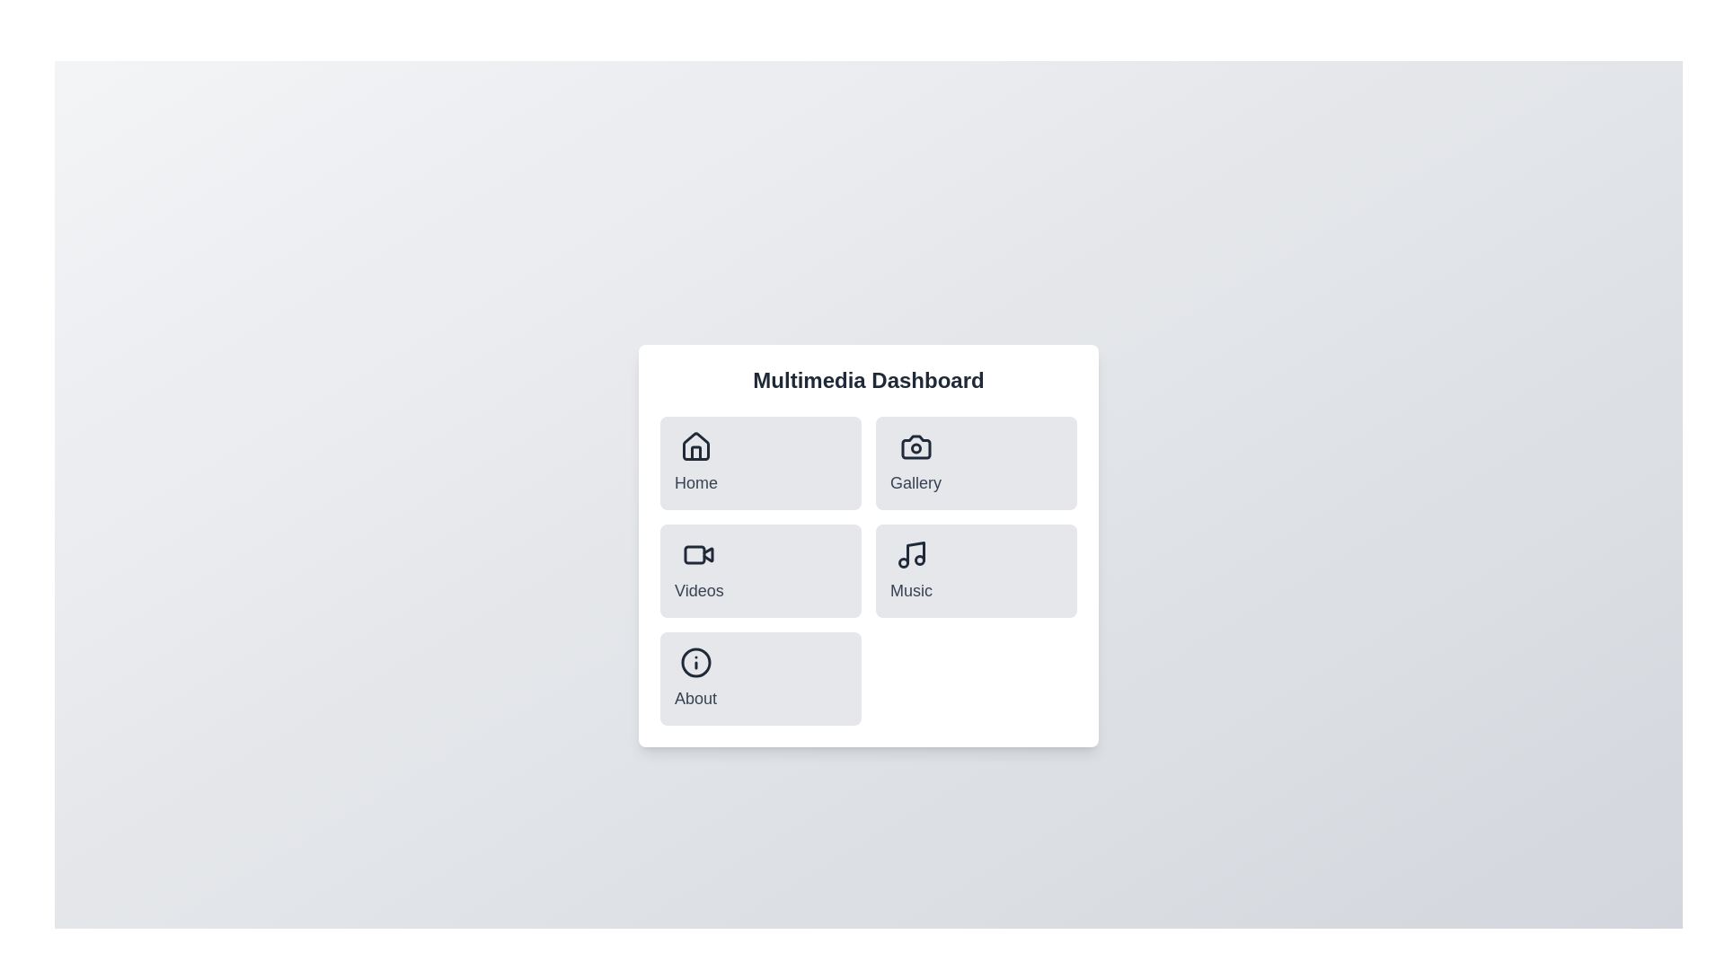 This screenshot has height=970, width=1725. What do you see at coordinates (697, 571) in the screenshot?
I see `the menu item labeled Videos to display its description` at bounding box center [697, 571].